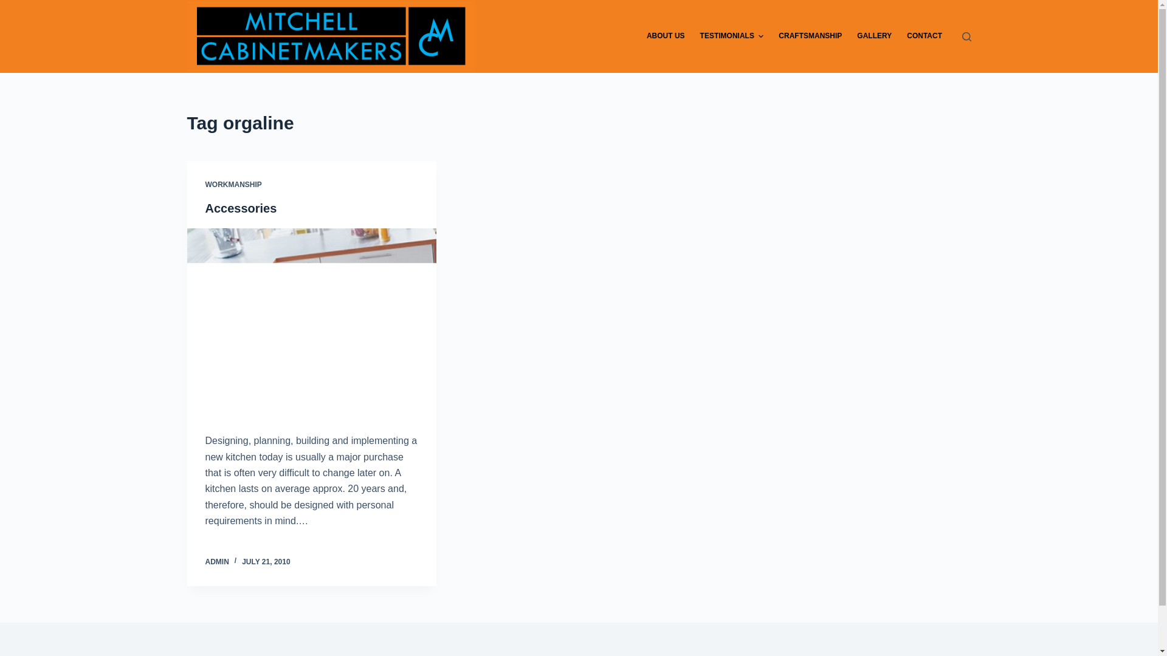 The width and height of the screenshot is (1167, 656). Describe the element at coordinates (810, 36) in the screenshot. I see `'CRAFTSMANSHIP'` at that location.